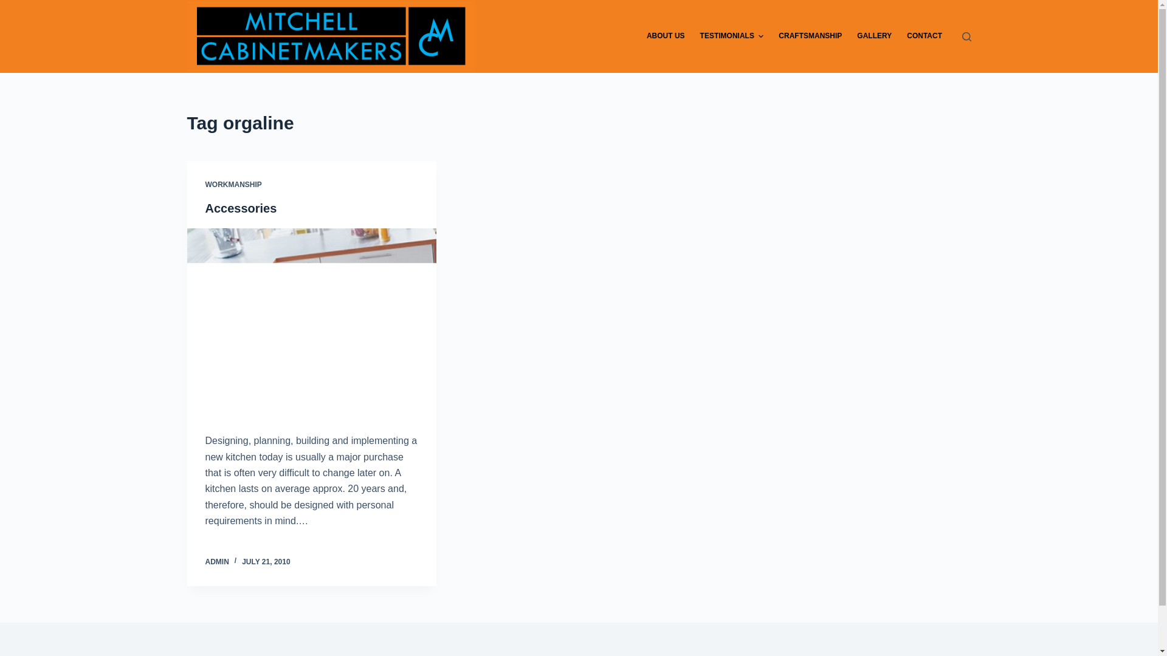 The width and height of the screenshot is (1167, 656). Describe the element at coordinates (810, 36) in the screenshot. I see `'CRAFTSMANSHIP'` at that location.